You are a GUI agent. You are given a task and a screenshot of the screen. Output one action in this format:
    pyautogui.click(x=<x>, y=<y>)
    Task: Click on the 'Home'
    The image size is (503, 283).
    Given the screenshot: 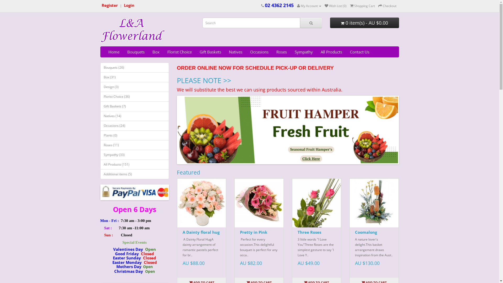 What is the action you would take?
    pyautogui.click(x=113, y=52)
    